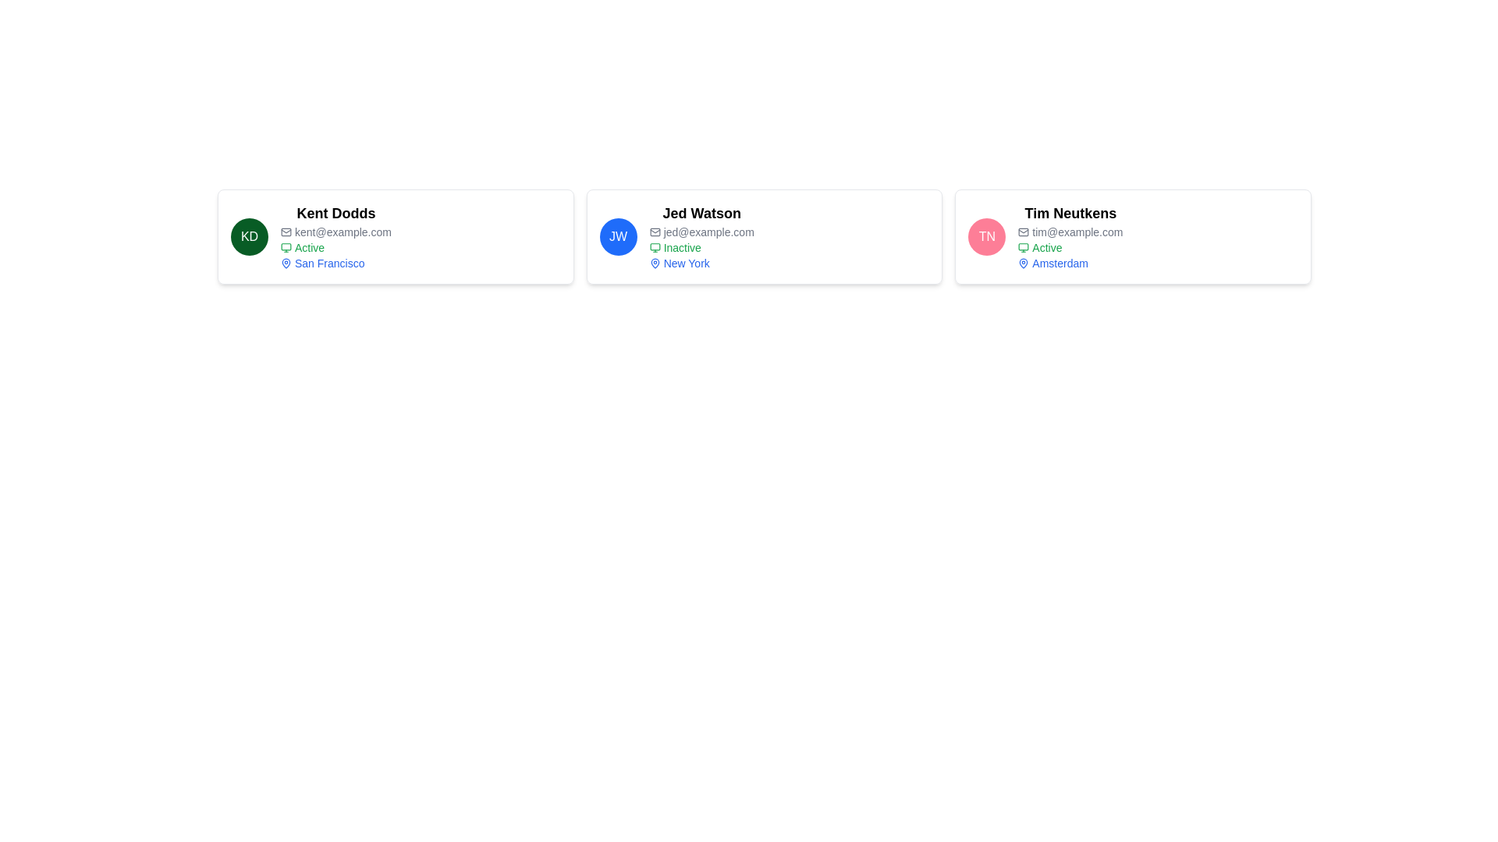 This screenshot has width=1498, height=842. Describe the element at coordinates (250, 237) in the screenshot. I see `the user avatar icon represented by initials, located at the top-left corner of the card for Kent Dodds` at that location.